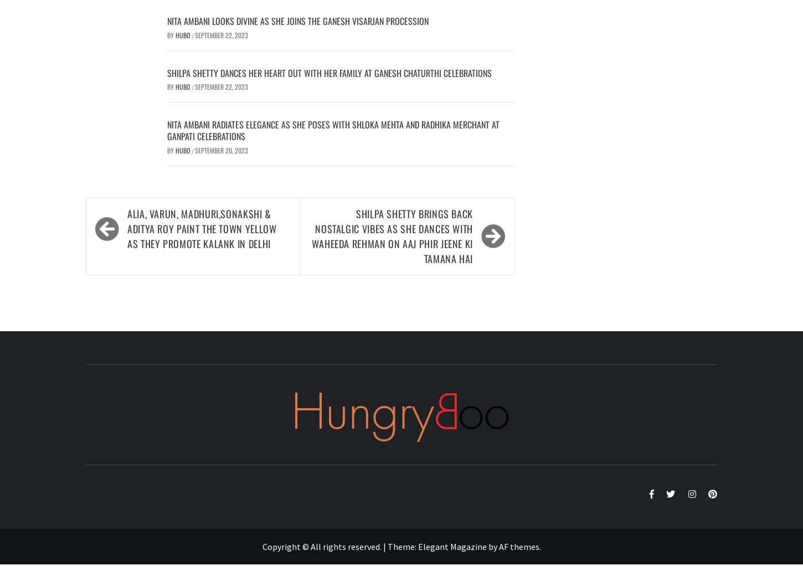  I want to click on 'Shilpa Shetty Dances Her Heart Out With Her Family At Ganesh Chaturthi Celebrations', so click(329, 73).